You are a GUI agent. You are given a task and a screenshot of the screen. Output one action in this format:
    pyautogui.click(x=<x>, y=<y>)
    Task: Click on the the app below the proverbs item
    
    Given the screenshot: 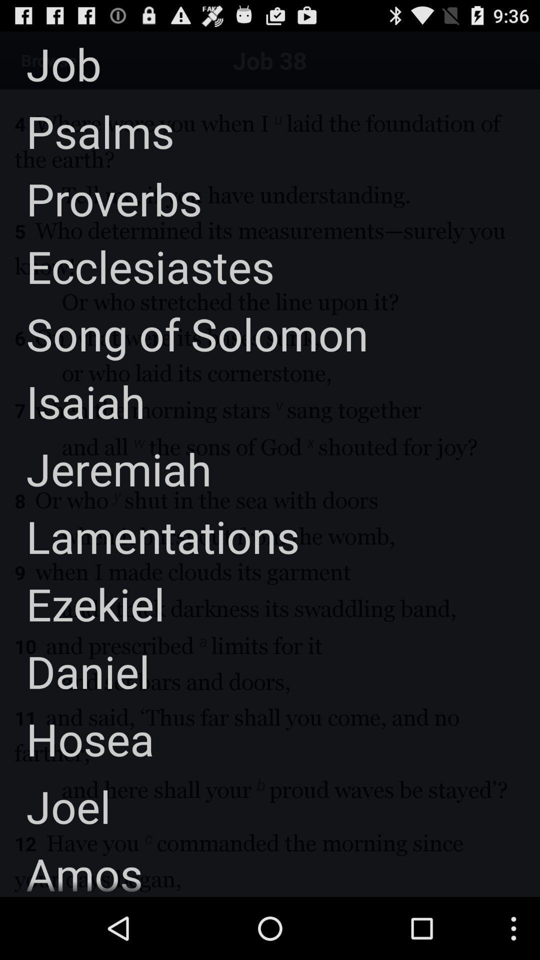 What is the action you would take?
    pyautogui.click(x=137, y=266)
    